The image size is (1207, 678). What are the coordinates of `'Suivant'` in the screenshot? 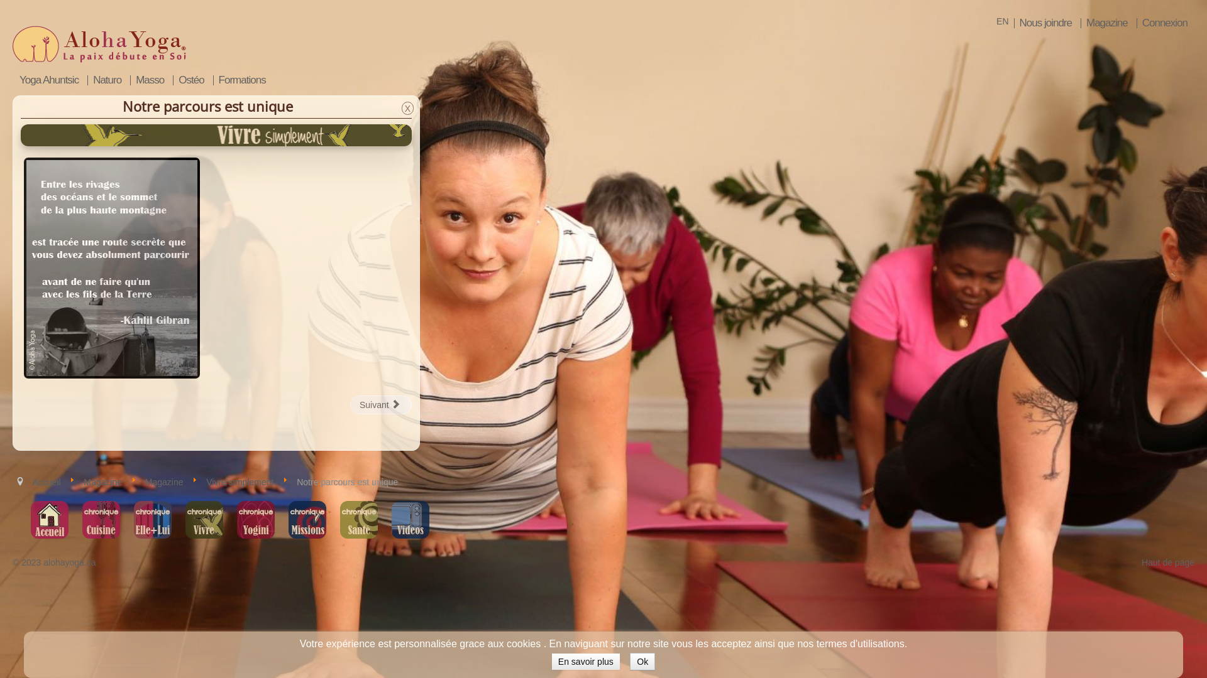 It's located at (380, 404).